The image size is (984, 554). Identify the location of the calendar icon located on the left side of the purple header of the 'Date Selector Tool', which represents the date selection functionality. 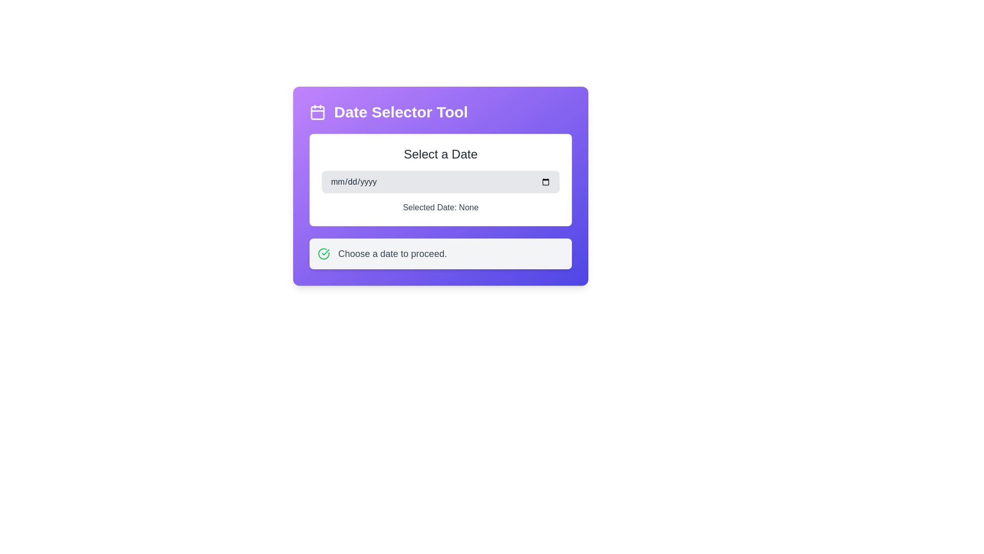
(317, 112).